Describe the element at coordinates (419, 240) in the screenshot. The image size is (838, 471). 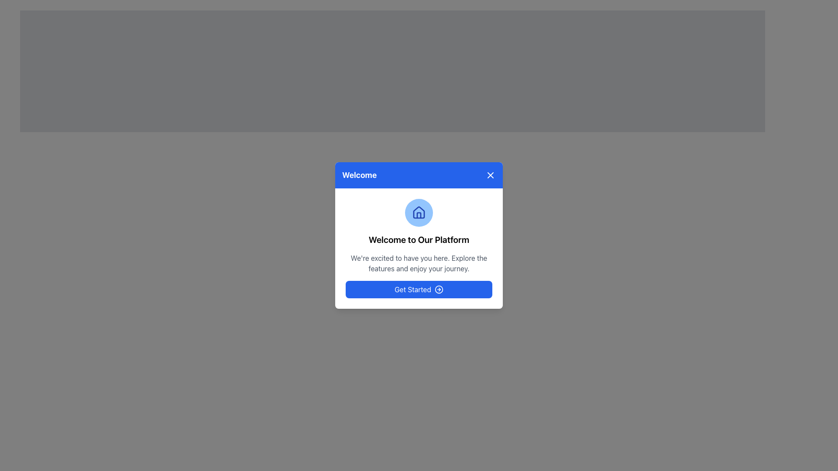
I see `the text element displaying 'Welcome to Our Platform', which is styled in a larger, bold font and is positioned centrally within the dialog box, above a paragraph and below an icon` at that location.